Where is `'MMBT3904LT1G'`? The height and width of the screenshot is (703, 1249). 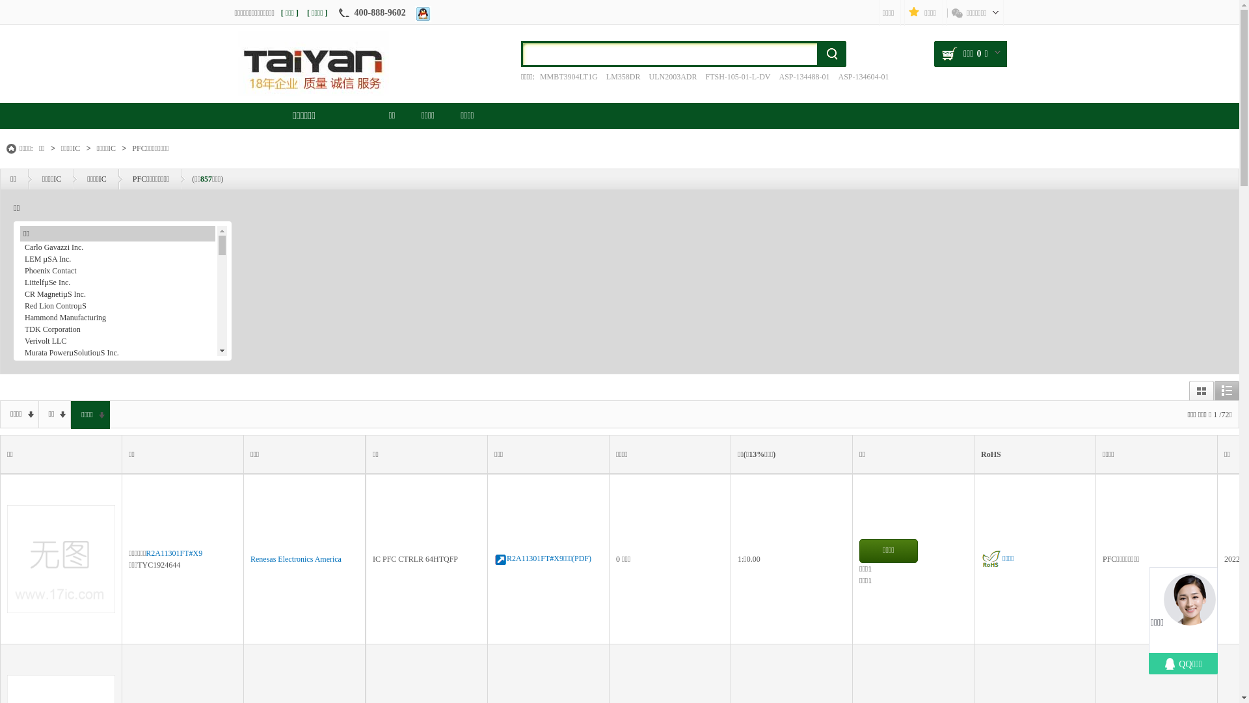 'MMBT3904LT1G' is located at coordinates (569, 77).